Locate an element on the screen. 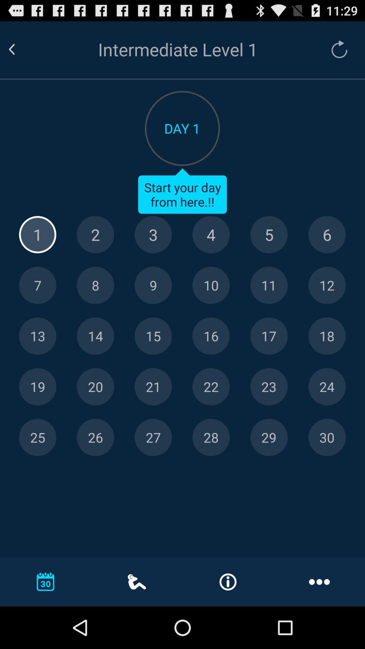 The width and height of the screenshot is (365, 649). day 20 is located at coordinates (95, 387).